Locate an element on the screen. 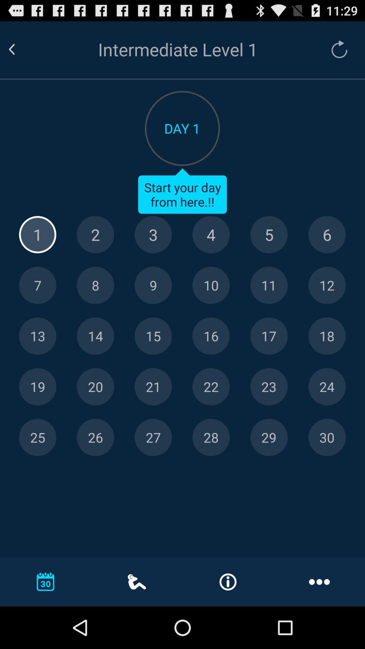 The width and height of the screenshot is (365, 649). day 20 is located at coordinates (95, 387).